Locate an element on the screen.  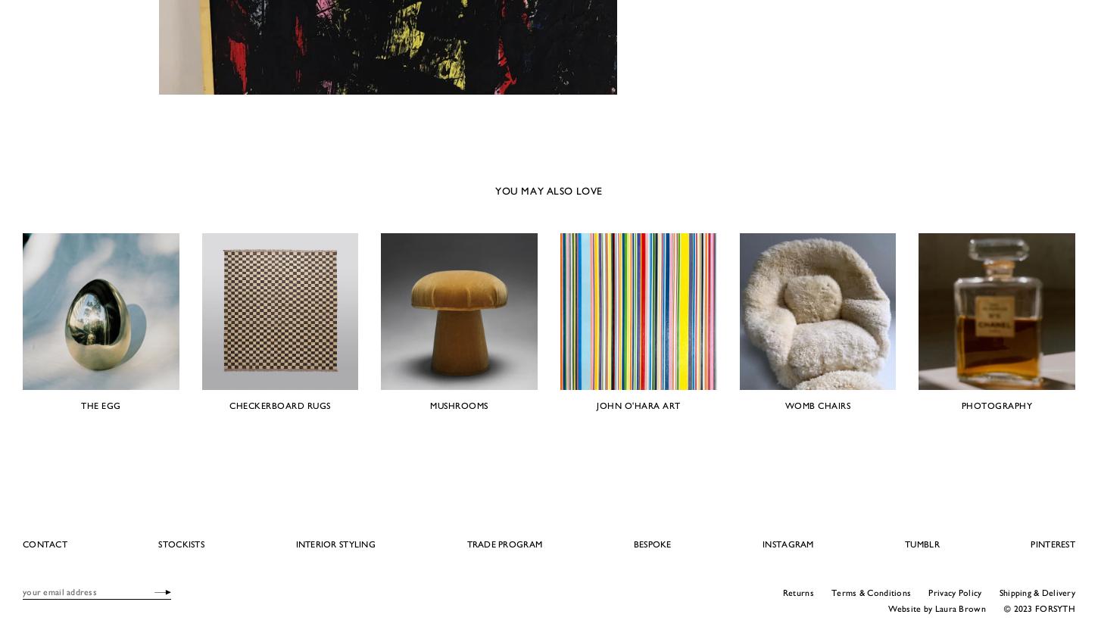
'Interior Styling' is located at coordinates (334, 541).